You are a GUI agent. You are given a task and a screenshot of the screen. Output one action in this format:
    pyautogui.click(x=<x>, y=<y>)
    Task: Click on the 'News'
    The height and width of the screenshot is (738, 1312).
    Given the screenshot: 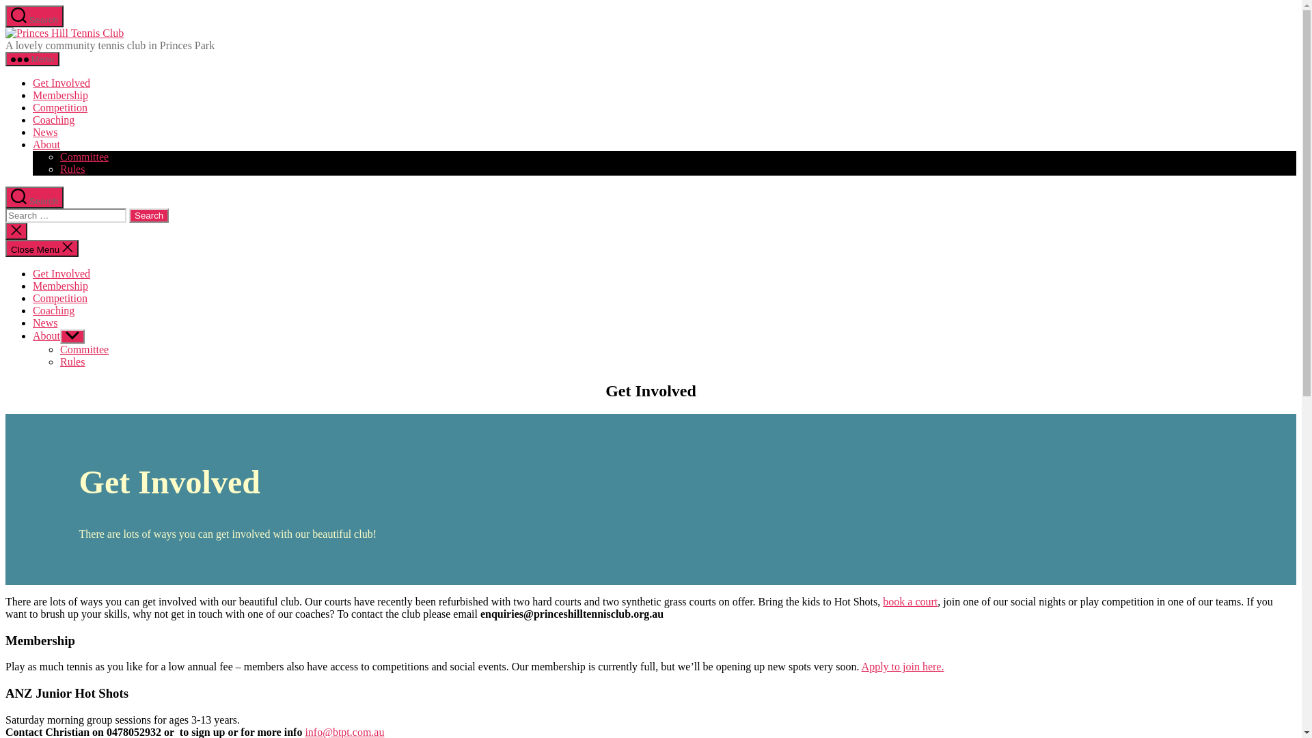 What is the action you would take?
    pyautogui.click(x=33, y=132)
    